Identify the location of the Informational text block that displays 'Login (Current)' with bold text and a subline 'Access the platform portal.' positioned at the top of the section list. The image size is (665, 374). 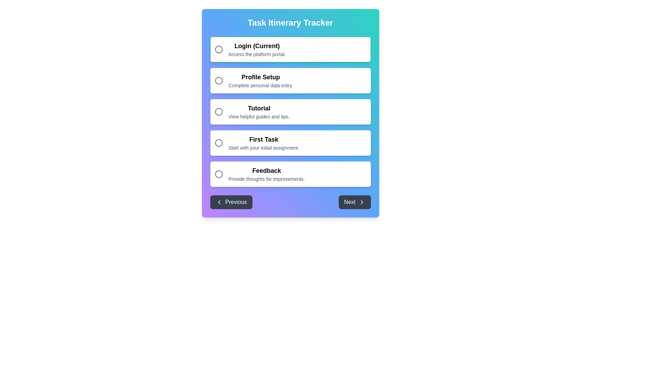
(257, 49).